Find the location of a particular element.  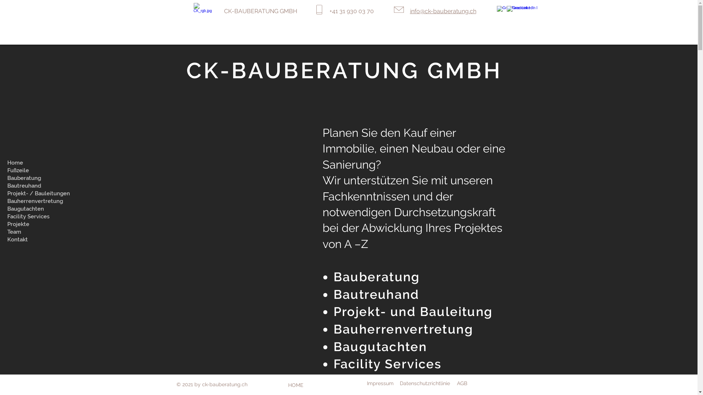

'Bauberatung' is located at coordinates (376, 276).